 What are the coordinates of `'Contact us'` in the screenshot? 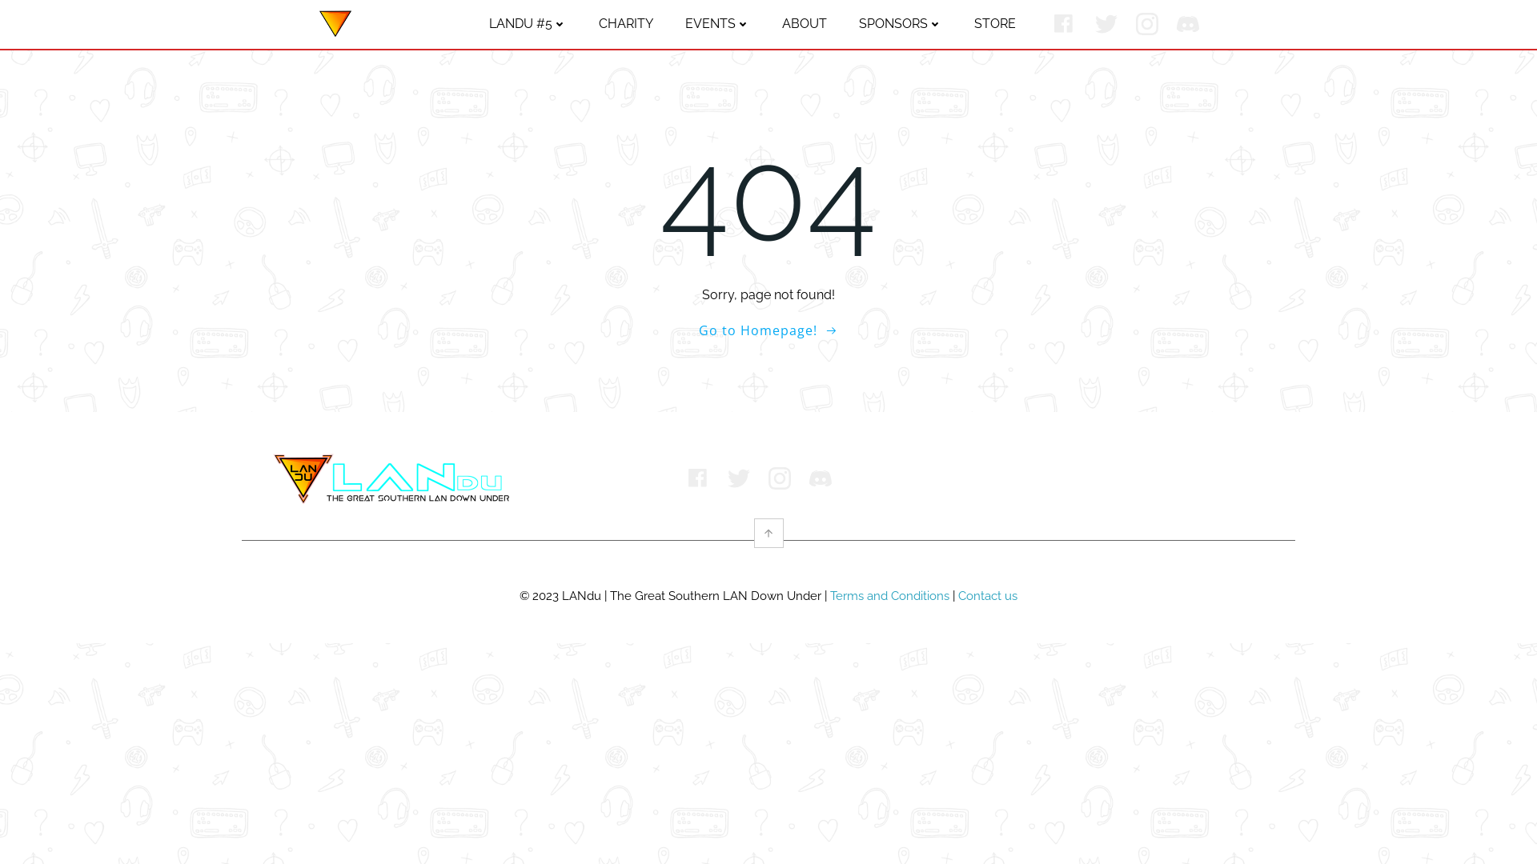 It's located at (986, 595).